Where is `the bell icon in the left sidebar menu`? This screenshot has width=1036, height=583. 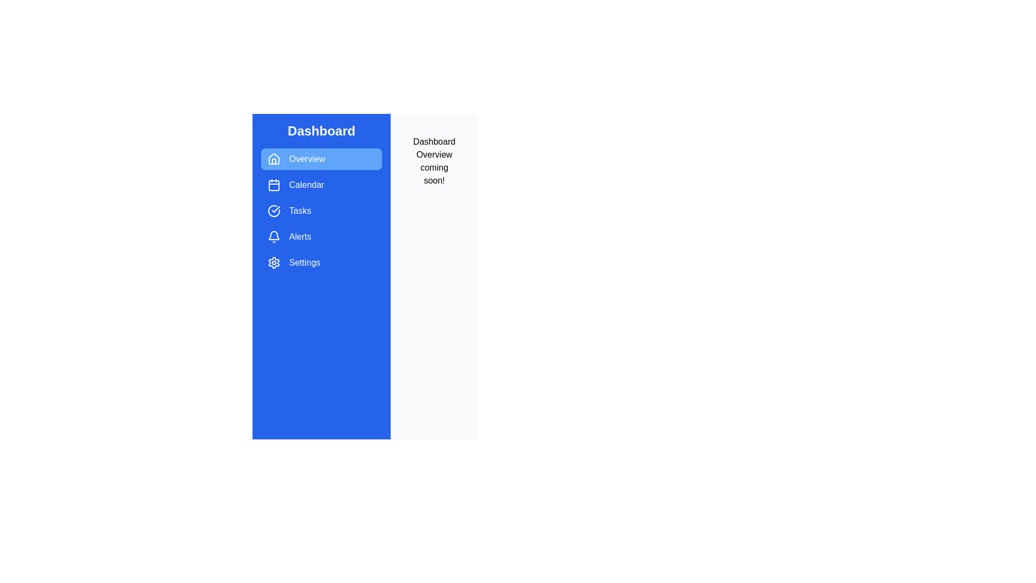 the bell icon in the left sidebar menu is located at coordinates (274, 236).